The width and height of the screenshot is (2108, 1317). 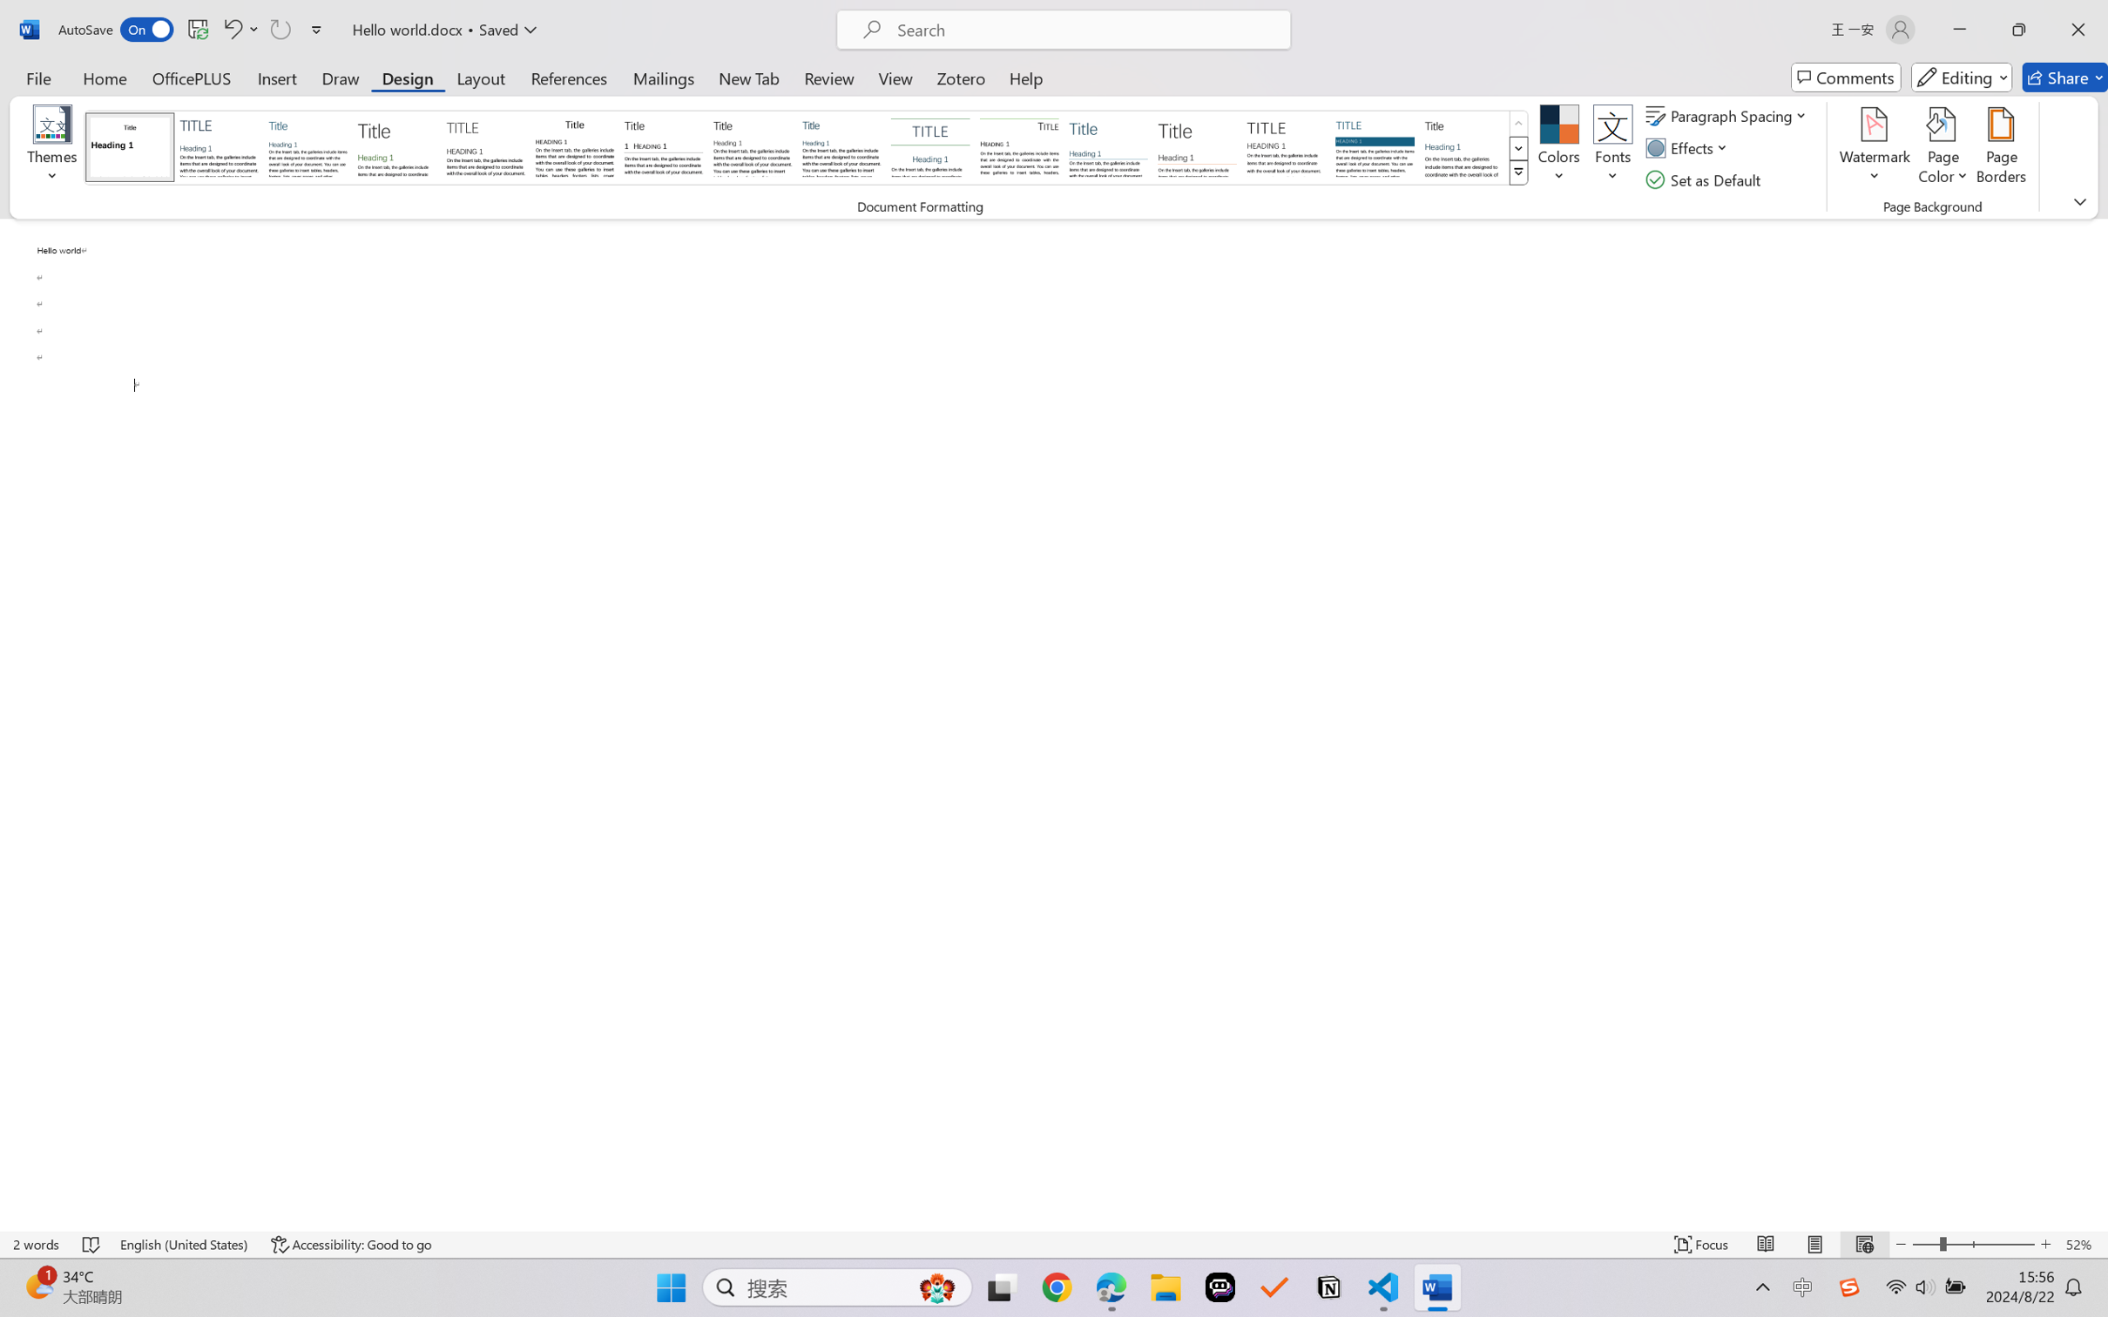 What do you see at coordinates (1814, 1244) in the screenshot?
I see `'Print Layout'` at bounding box center [1814, 1244].